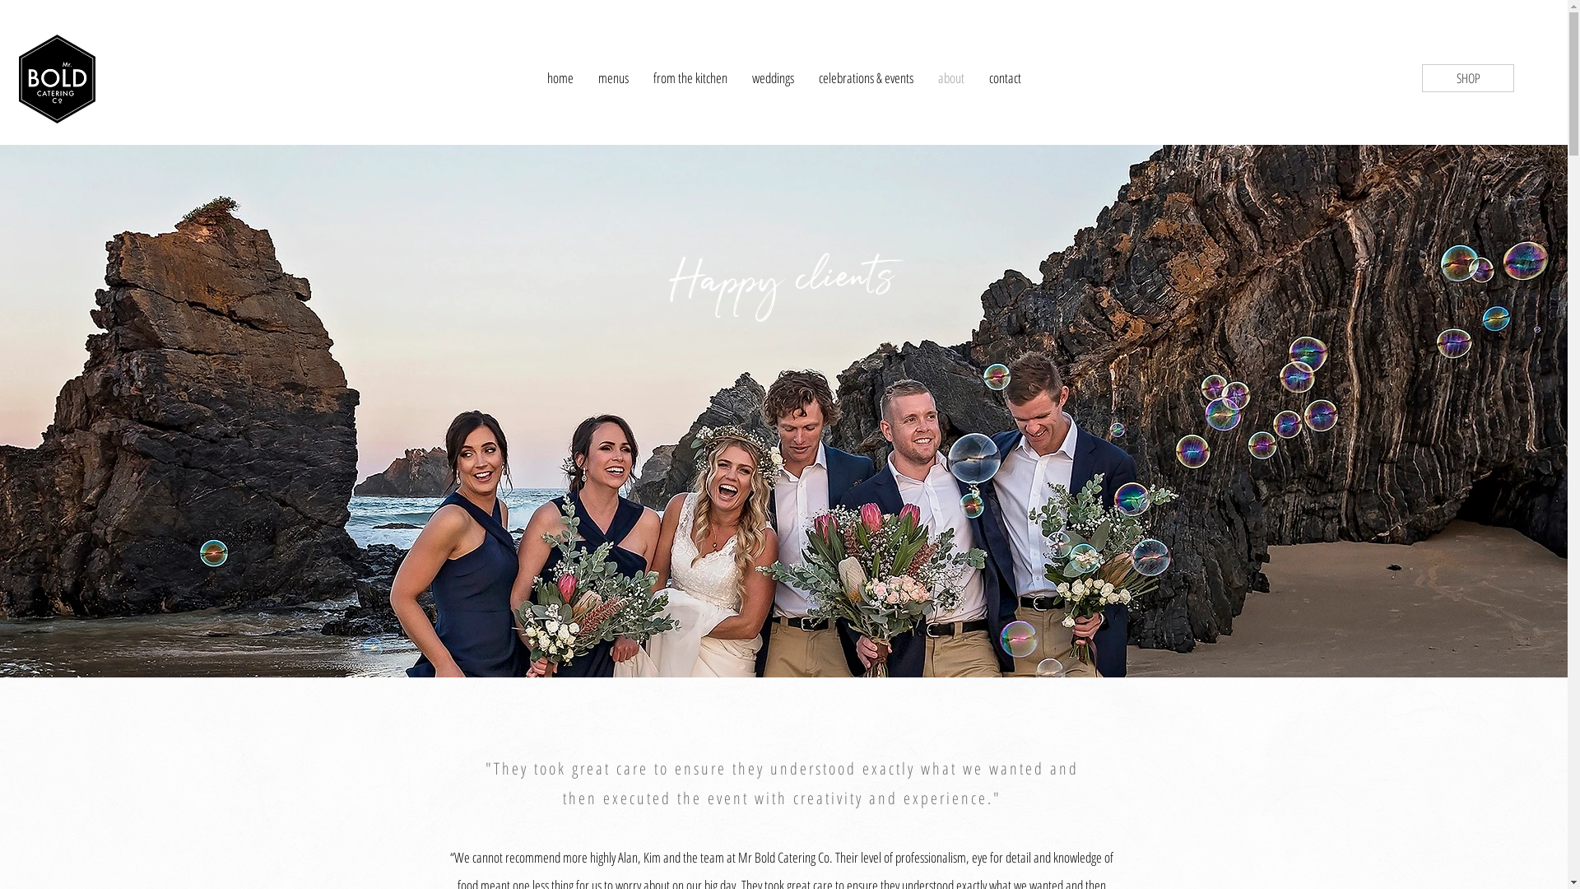 This screenshot has height=889, width=1580. I want to click on 'celebrations & events', so click(865, 77).